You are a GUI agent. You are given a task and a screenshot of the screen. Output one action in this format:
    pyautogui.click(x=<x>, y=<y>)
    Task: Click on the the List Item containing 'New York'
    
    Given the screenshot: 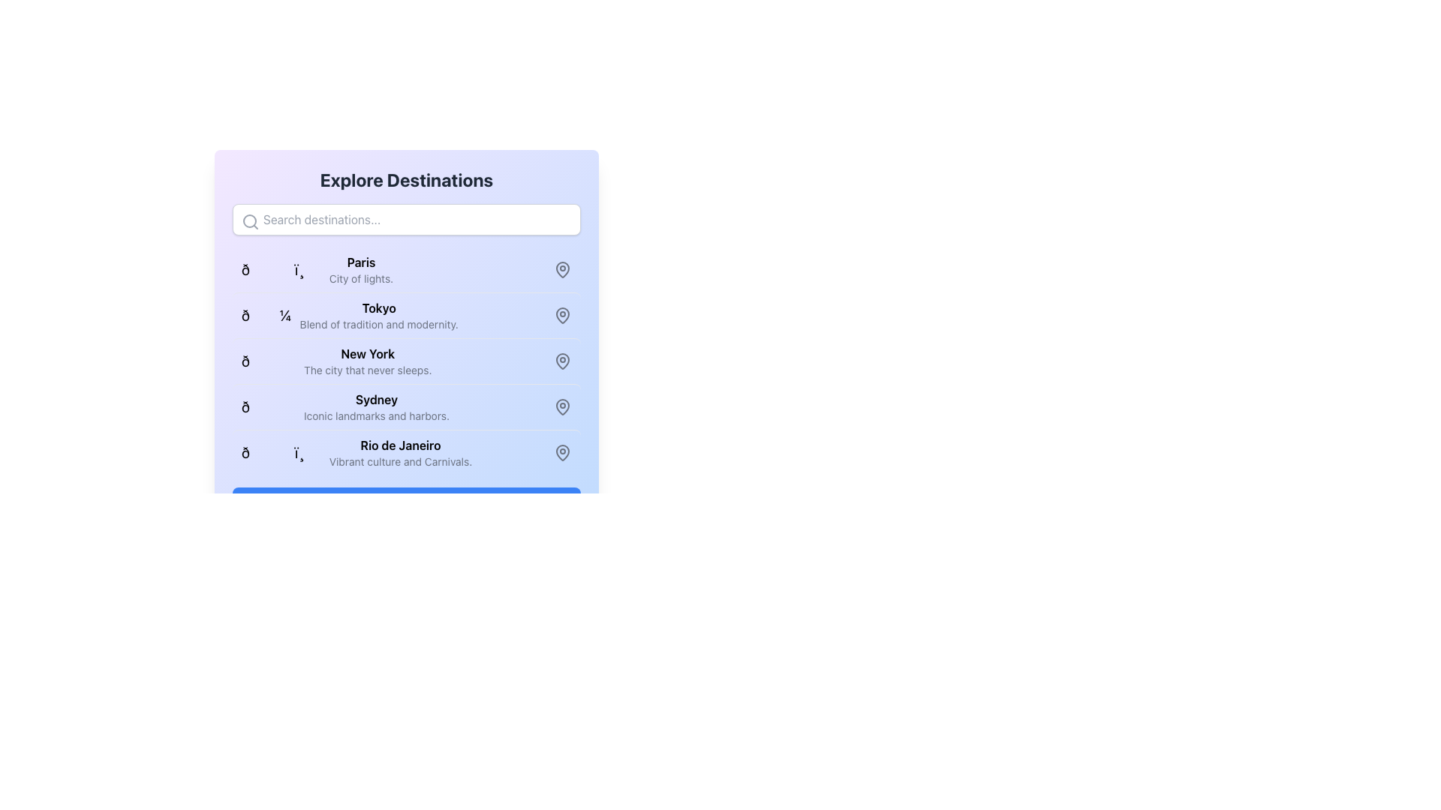 What is the action you would take?
    pyautogui.click(x=368, y=361)
    